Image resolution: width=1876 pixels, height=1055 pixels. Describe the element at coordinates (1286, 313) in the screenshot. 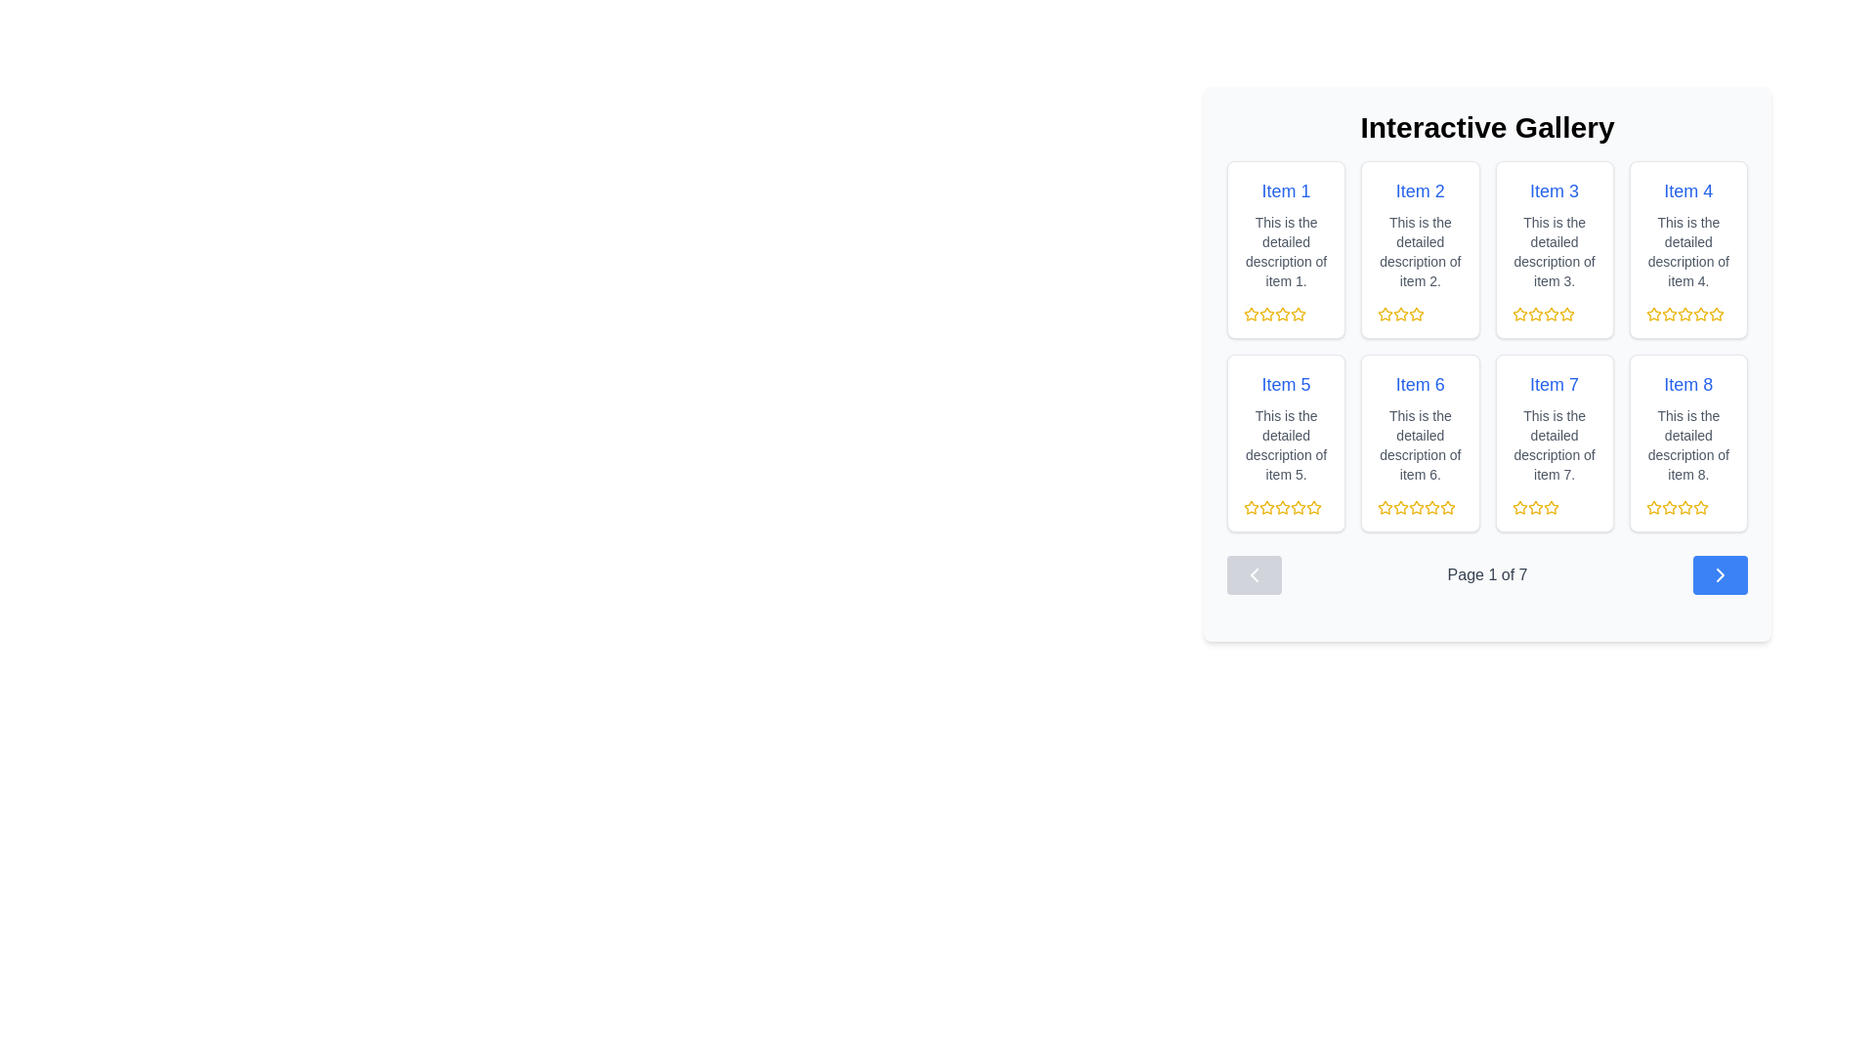

I see `the star in the rating component located in the lower section of the first item's card to set the rating` at that location.